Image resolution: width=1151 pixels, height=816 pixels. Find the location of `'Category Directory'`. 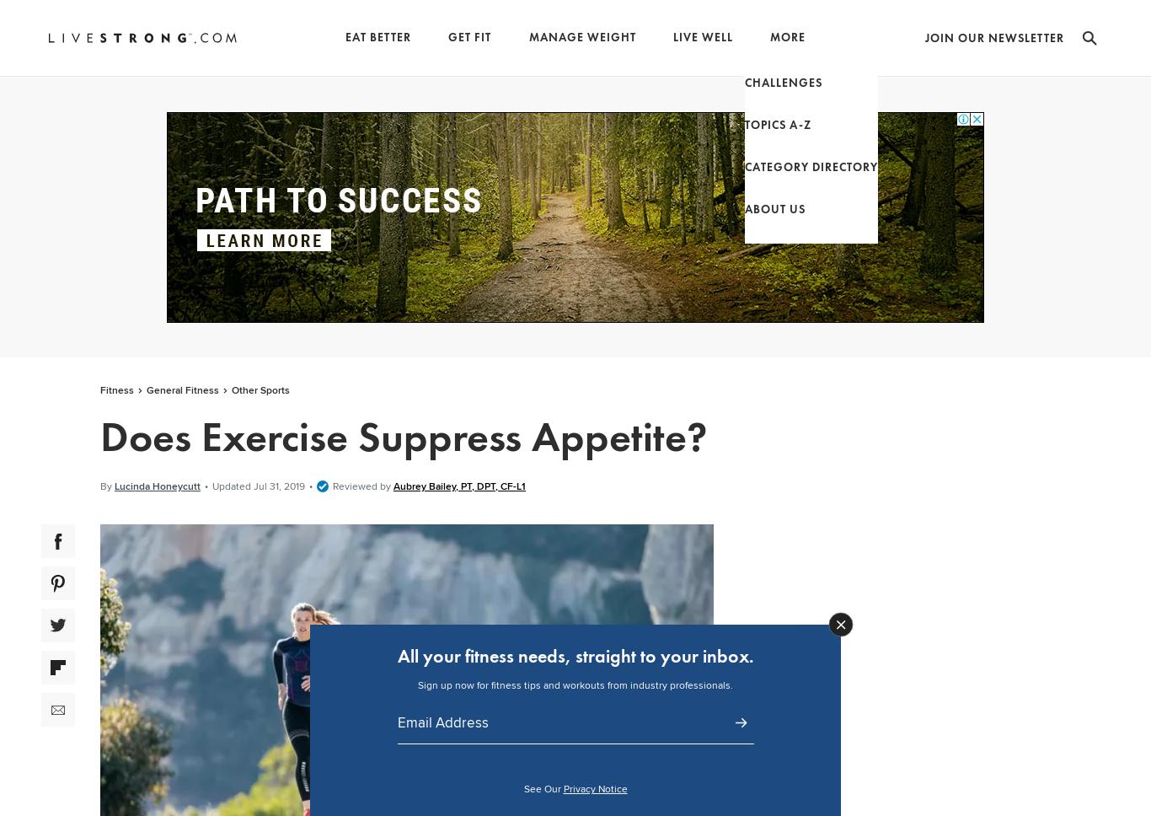

'Category Directory' is located at coordinates (769, 158).